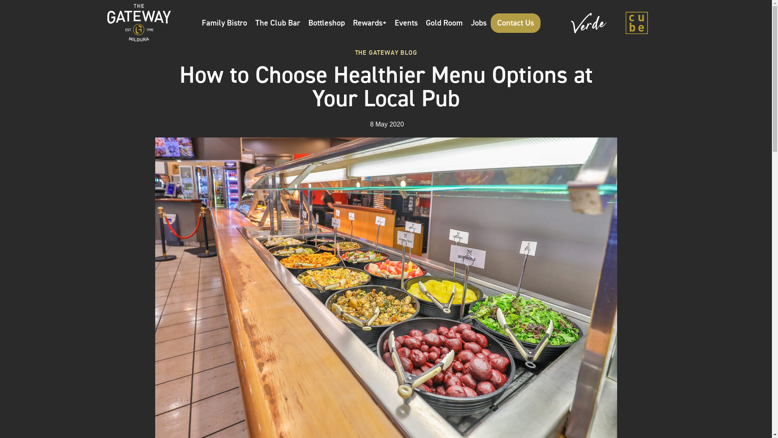 Image resolution: width=778 pixels, height=438 pixels. Describe the element at coordinates (327, 22) in the screenshot. I see `'Bottleshop'` at that location.